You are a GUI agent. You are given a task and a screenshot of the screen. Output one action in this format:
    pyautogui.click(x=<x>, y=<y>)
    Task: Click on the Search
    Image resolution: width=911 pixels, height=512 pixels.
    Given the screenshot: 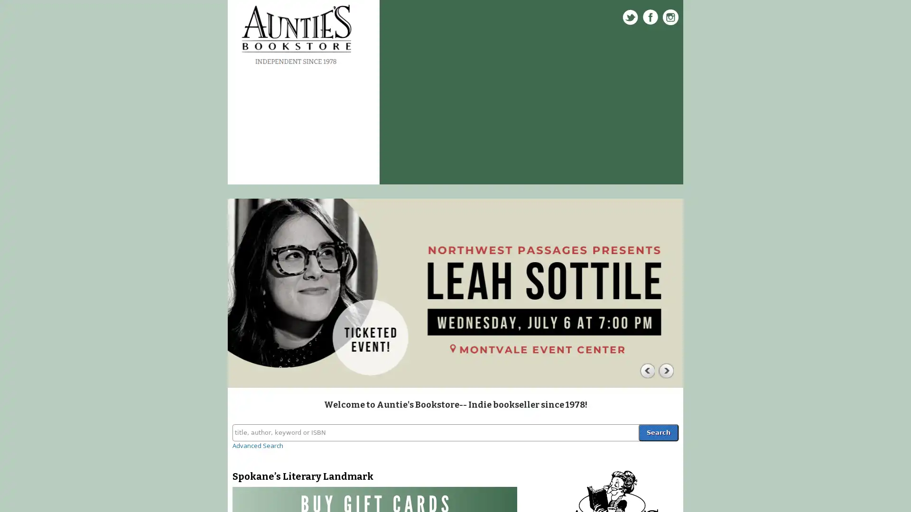 What is the action you would take?
    pyautogui.click(x=658, y=432)
    